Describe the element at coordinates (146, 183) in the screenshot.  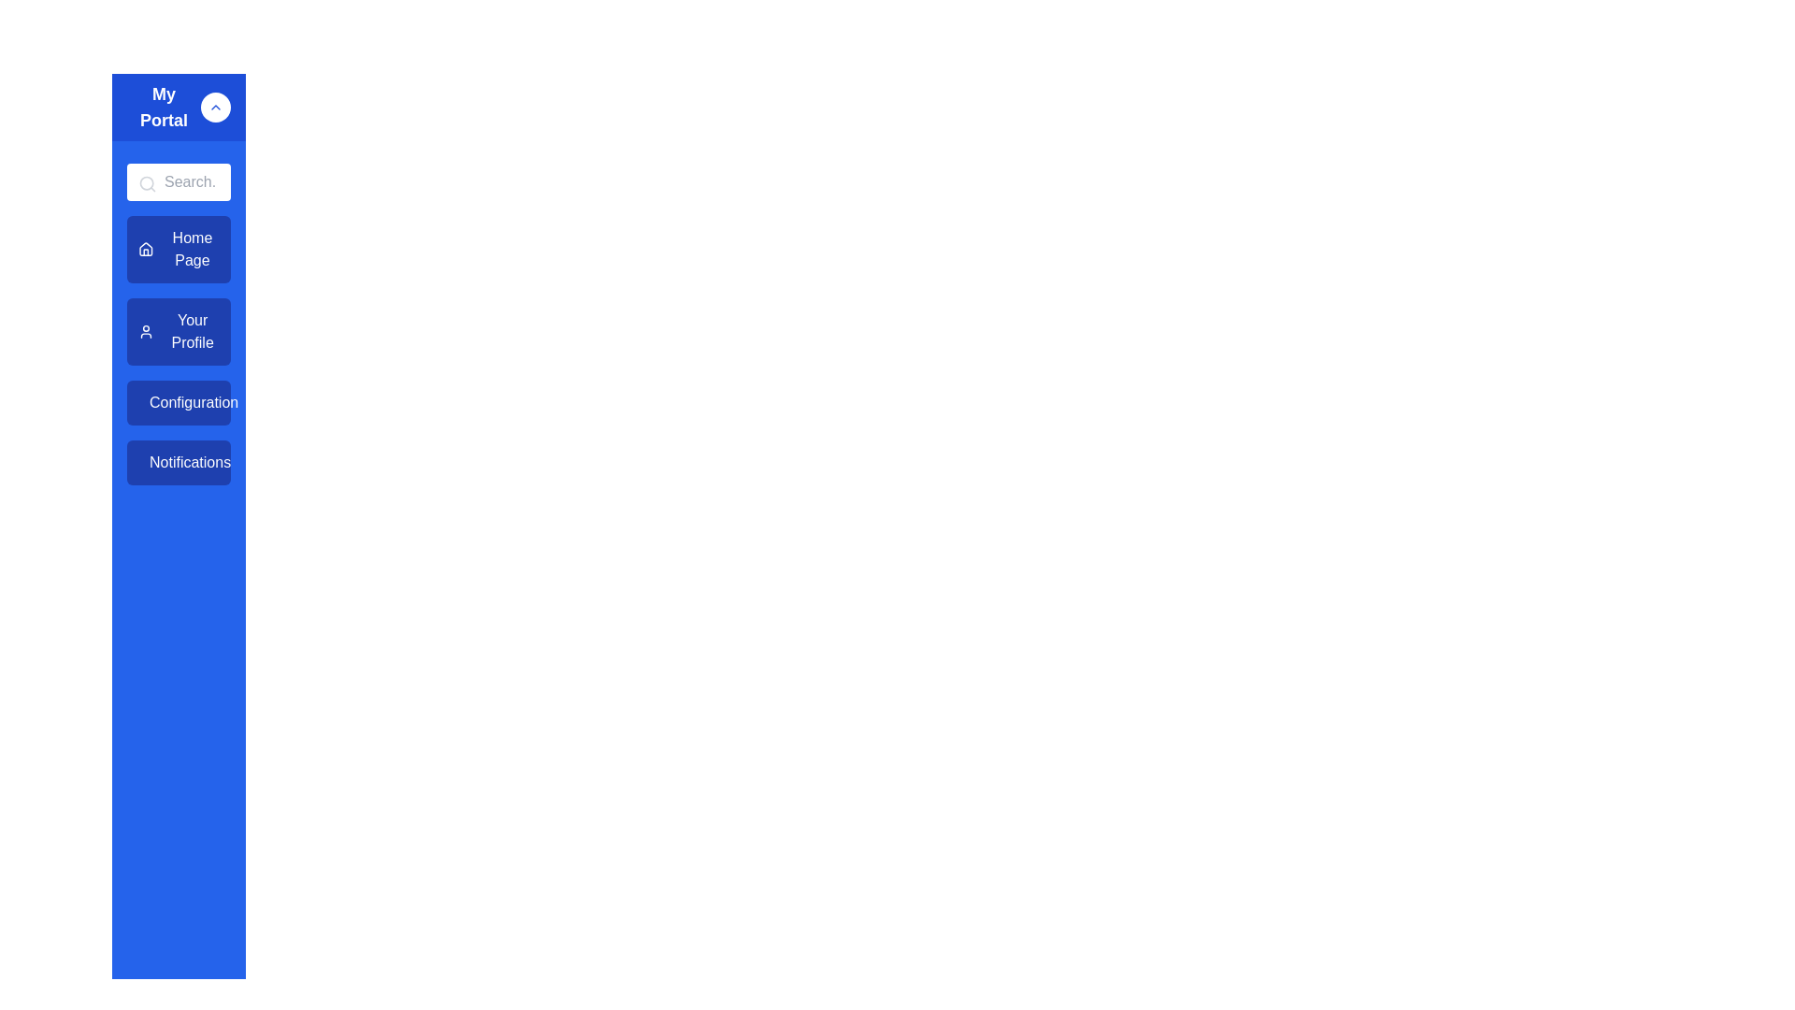
I see `the SVG Circle representing the lens of the magnifying glass in the search icon, indicating the search bar feature` at that location.